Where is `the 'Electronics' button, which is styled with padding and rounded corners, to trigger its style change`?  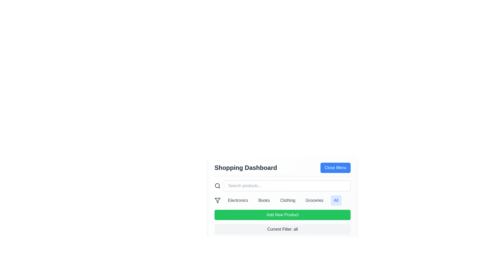
the 'Electronics' button, which is styled with padding and rounded corners, to trigger its style change is located at coordinates (238, 200).